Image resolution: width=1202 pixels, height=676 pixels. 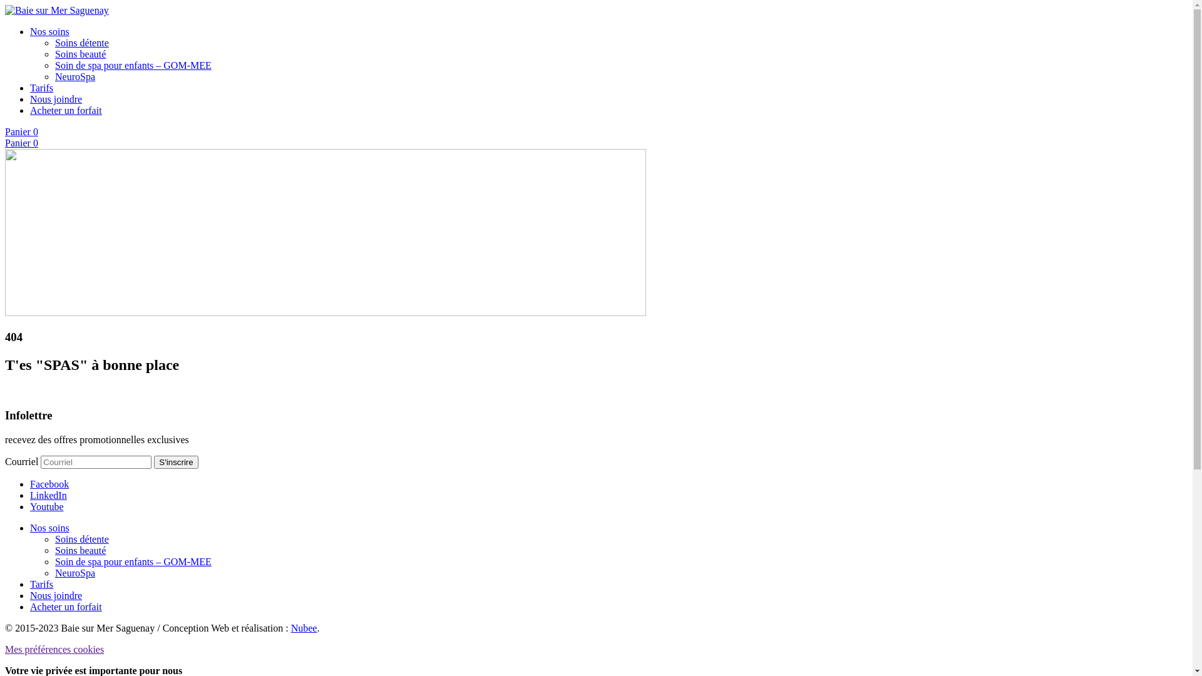 What do you see at coordinates (48, 494) in the screenshot?
I see `'LinkedIn'` at bounding box center [48, 494].